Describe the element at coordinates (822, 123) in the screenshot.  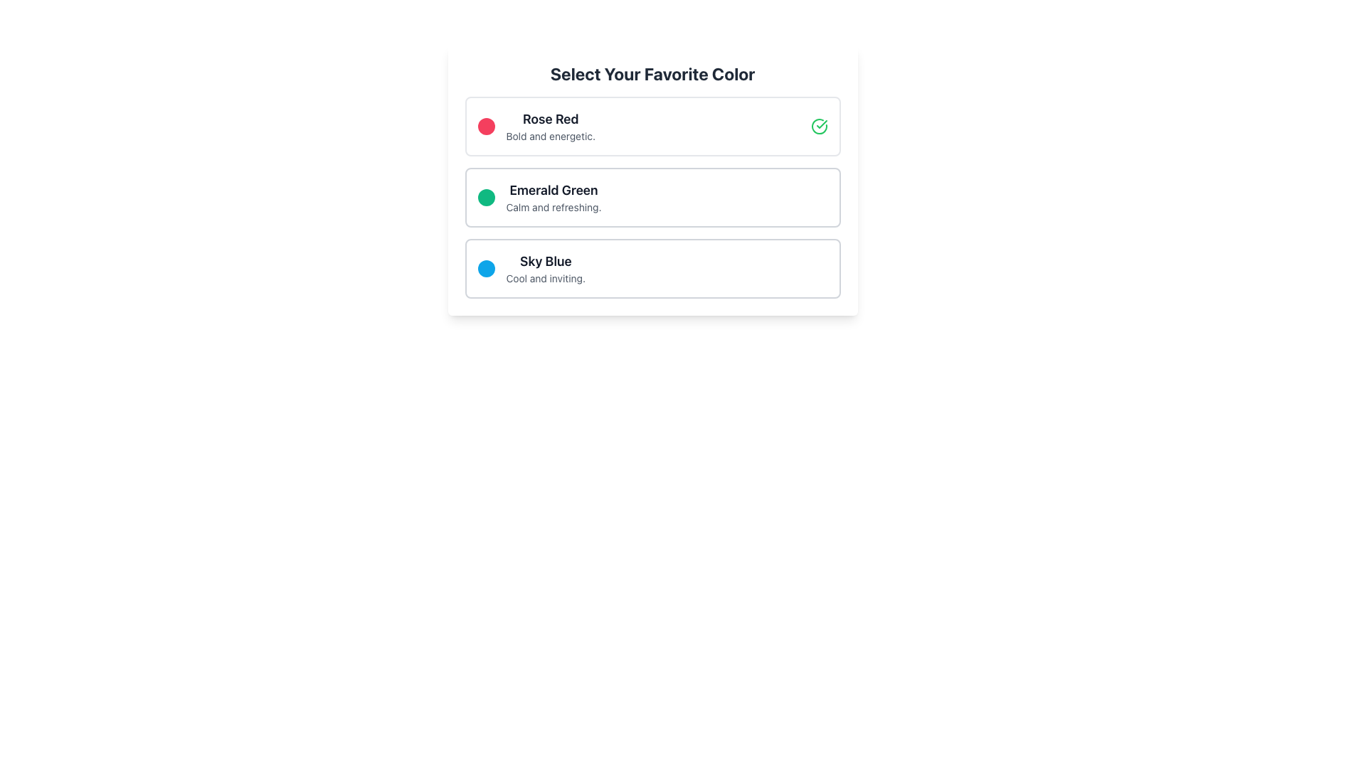
I see `the enclosing SVG group of the checkmark icon, which is styled with a green stroke and located next to the text 'Rose Red' in the selection card layout` at that location.